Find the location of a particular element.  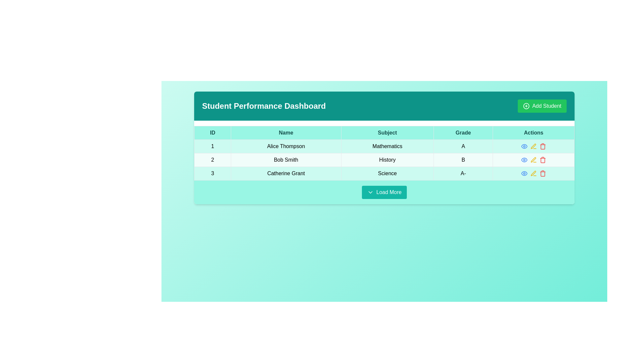

the 'edit' button represented by a pen icon in the 'Actions' section of the last row of the table is located at coordinates (534, 173).